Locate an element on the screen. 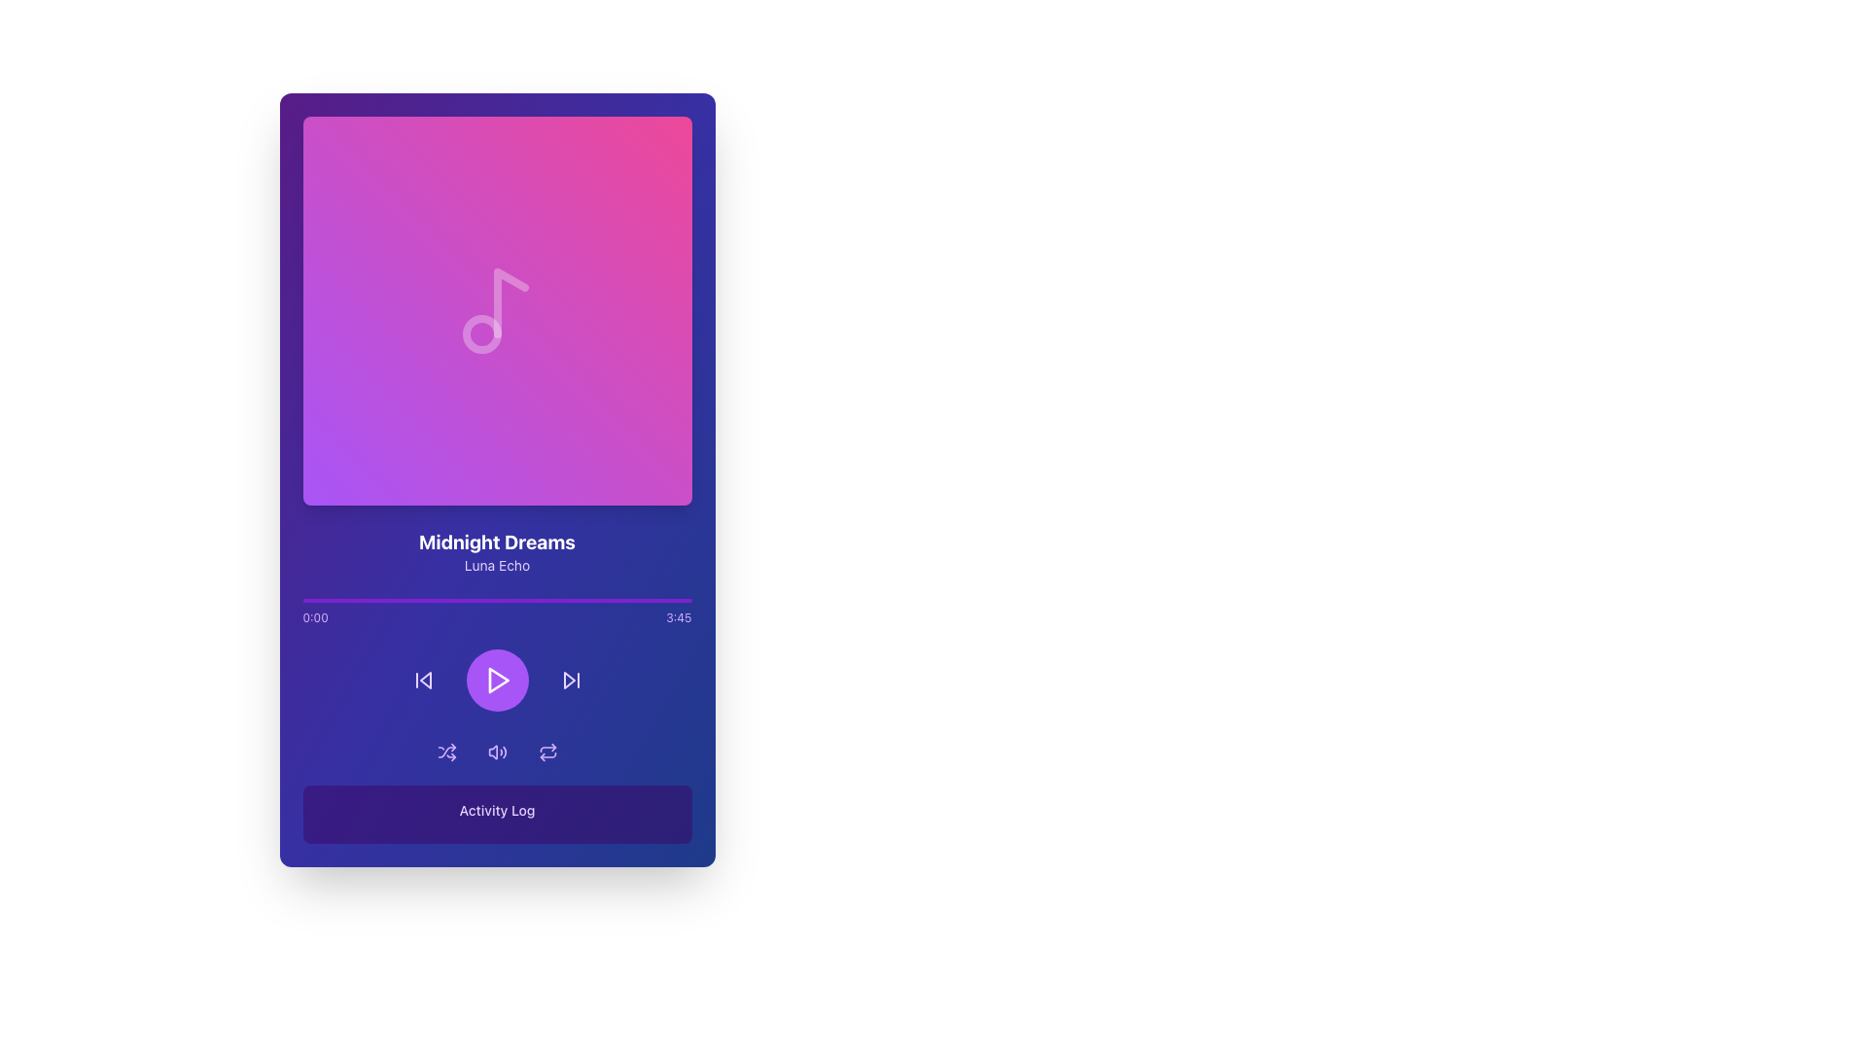 Image resolution: width=1867 pixels, height=1050 pixels. the play icon within the circular button located at the center of the music playback interface to observe further effects is located at coordinates (498, 679).